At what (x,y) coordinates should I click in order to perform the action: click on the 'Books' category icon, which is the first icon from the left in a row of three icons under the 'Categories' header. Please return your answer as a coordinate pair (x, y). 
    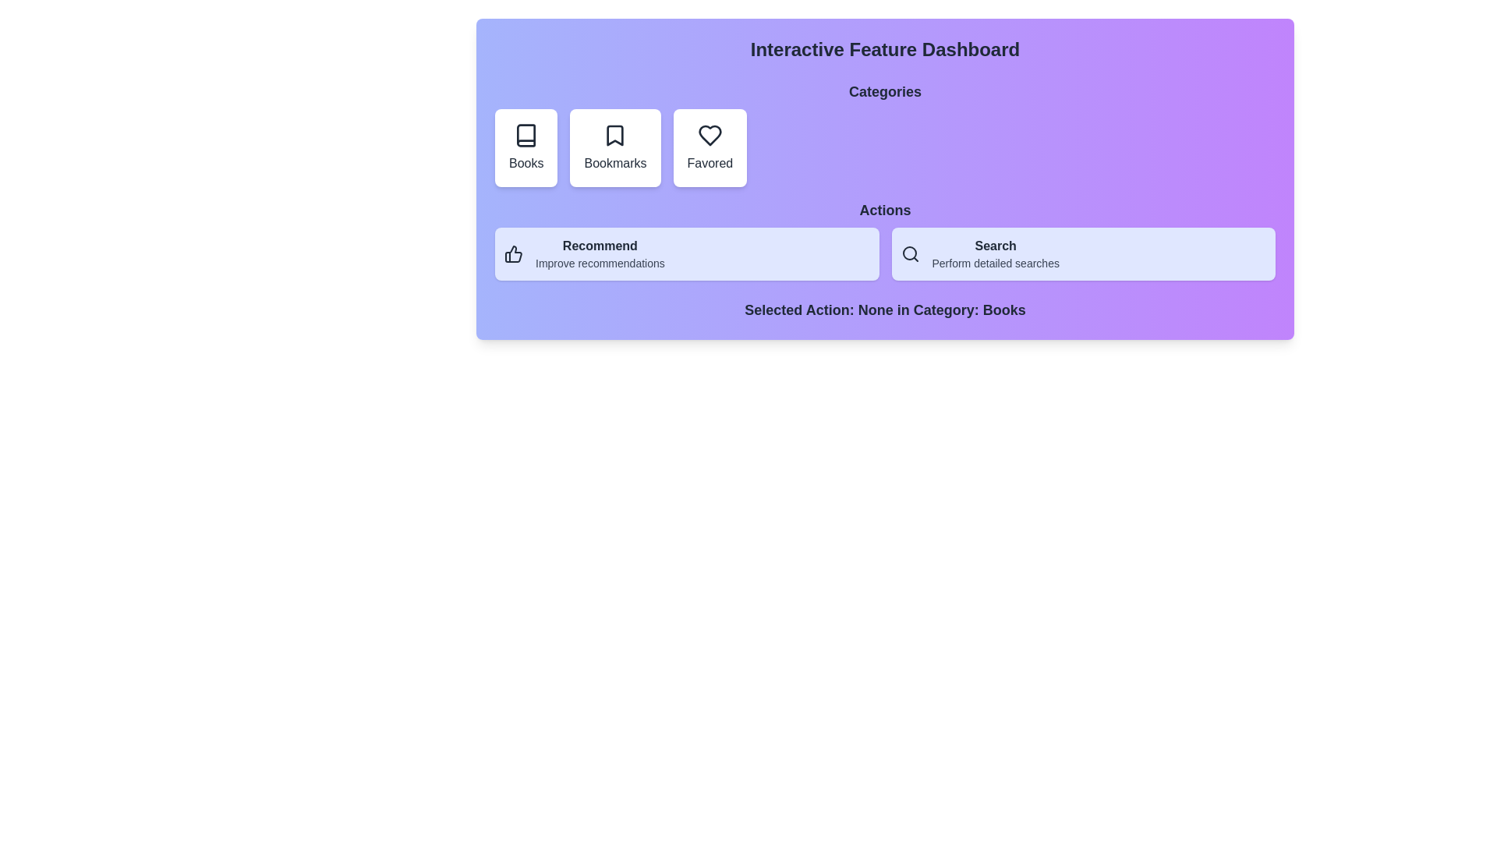
    Looking at the image, I should click on (526, 134).